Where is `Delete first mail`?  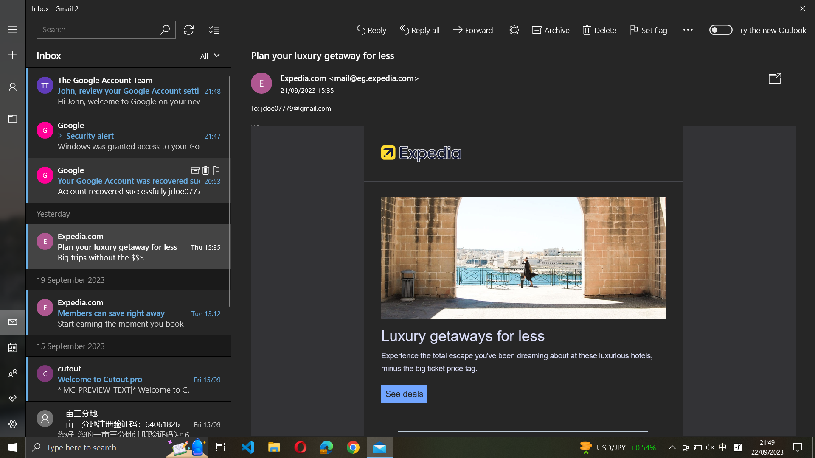 Delete first mail is located at coordinates (128, 90).